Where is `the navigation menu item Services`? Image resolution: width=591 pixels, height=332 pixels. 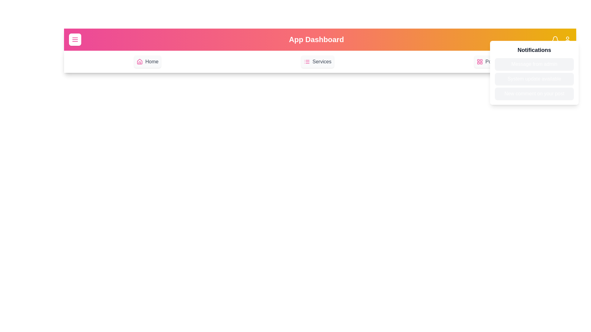
the navigation menu item Services is located at coordinates (318, 61).